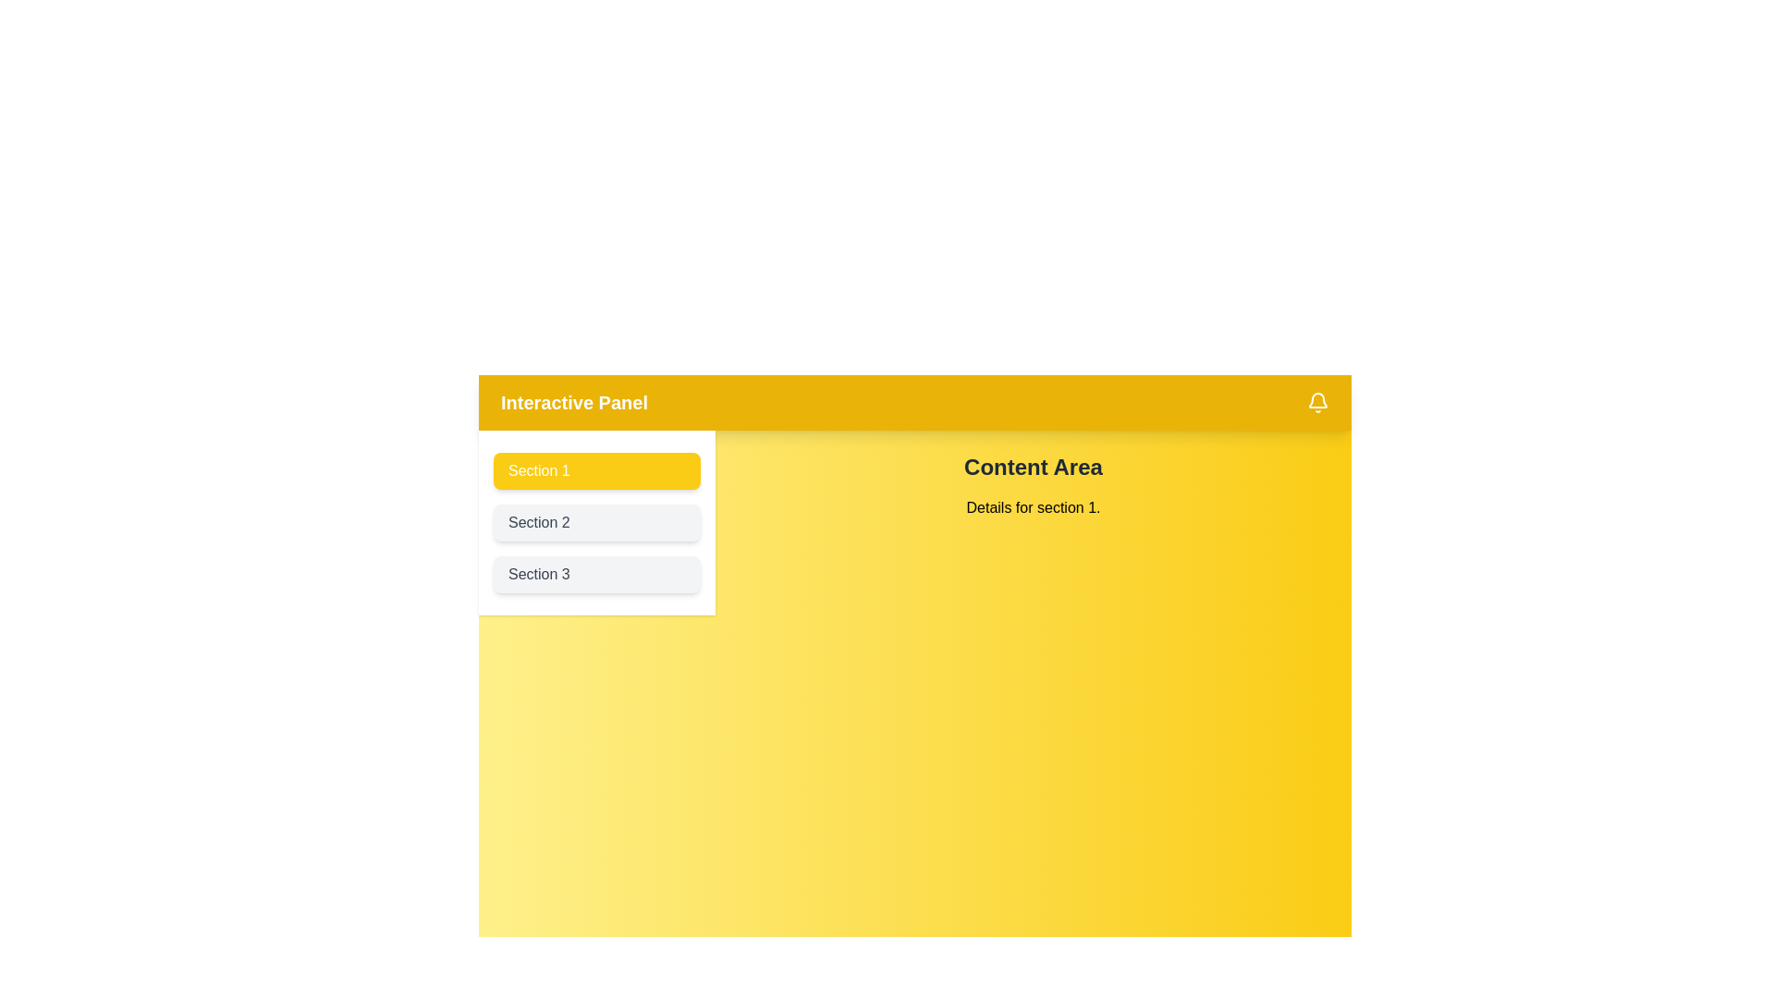  Describe the element at coordinates (1316, 401) in the screenshot. I see `the notification bell icon located in the top-right corner of the yellow header bar labeled 'Interactive Panel'` at that location.